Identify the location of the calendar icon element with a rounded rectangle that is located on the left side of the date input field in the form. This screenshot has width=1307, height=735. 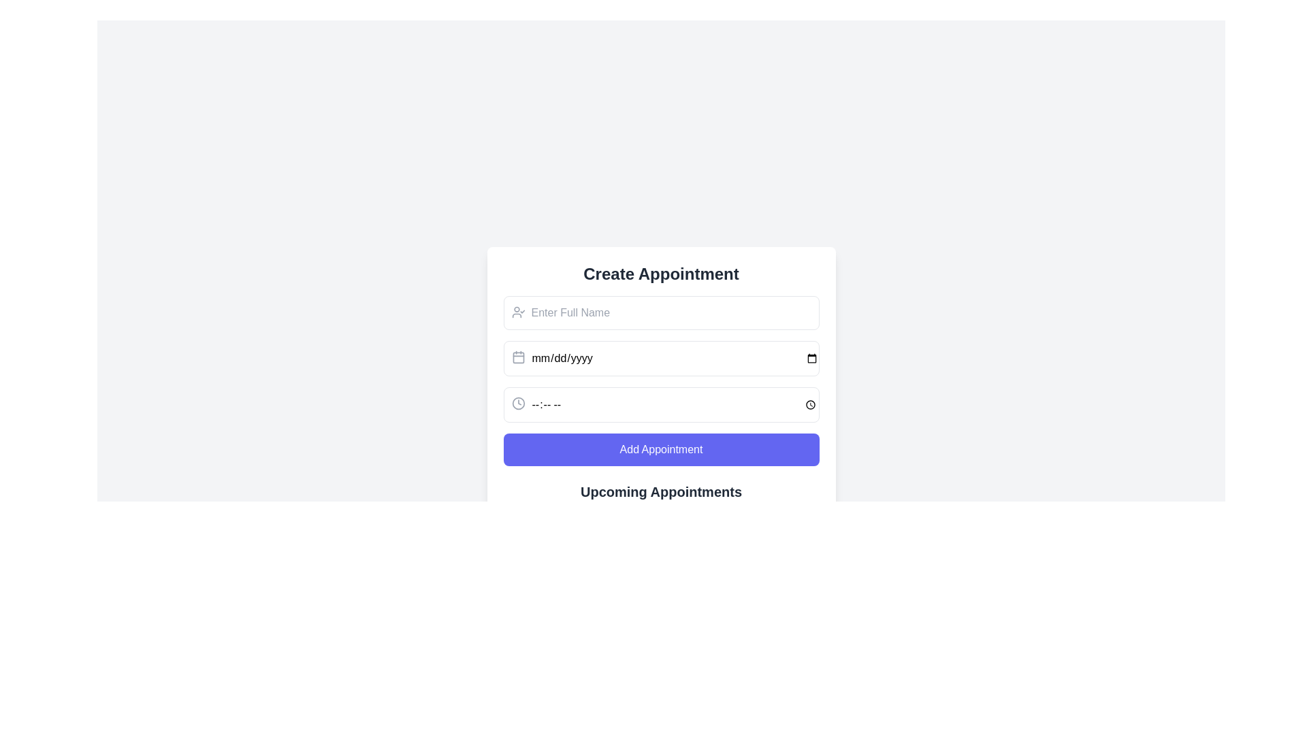
(517, 357).